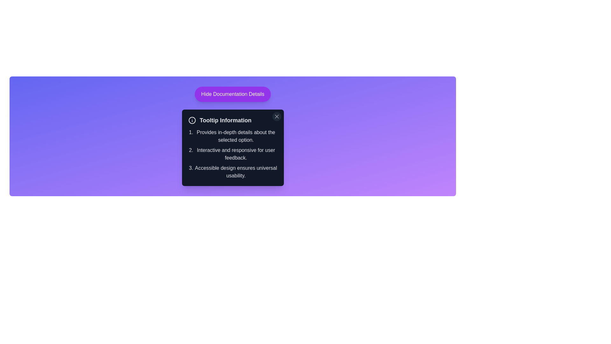  What do you see at coordinates (232, 94) in the screenshot?
I see `the button located above the tooltip window with a gradient background from indigo to purple to hide the documentation details` at bounding box center [232, 94].